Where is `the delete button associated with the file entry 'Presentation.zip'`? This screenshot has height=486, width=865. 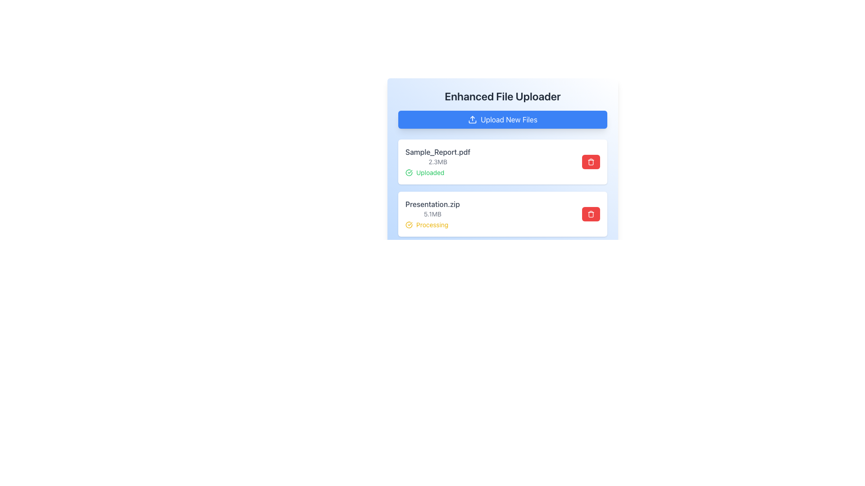
the delete button associated with the file entry 'Presentation.zip' is located at coordinates (591, 214).